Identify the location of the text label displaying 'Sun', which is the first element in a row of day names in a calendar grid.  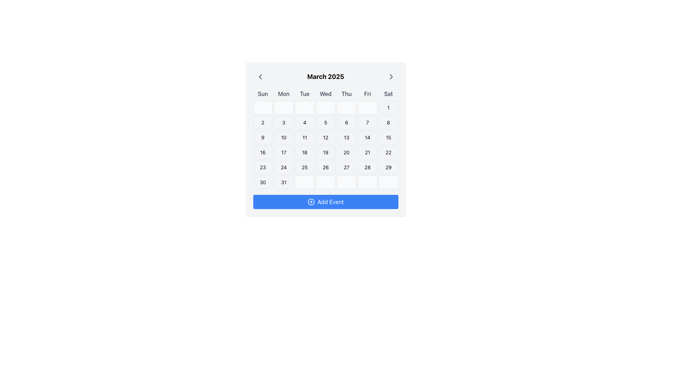
(263, 93).